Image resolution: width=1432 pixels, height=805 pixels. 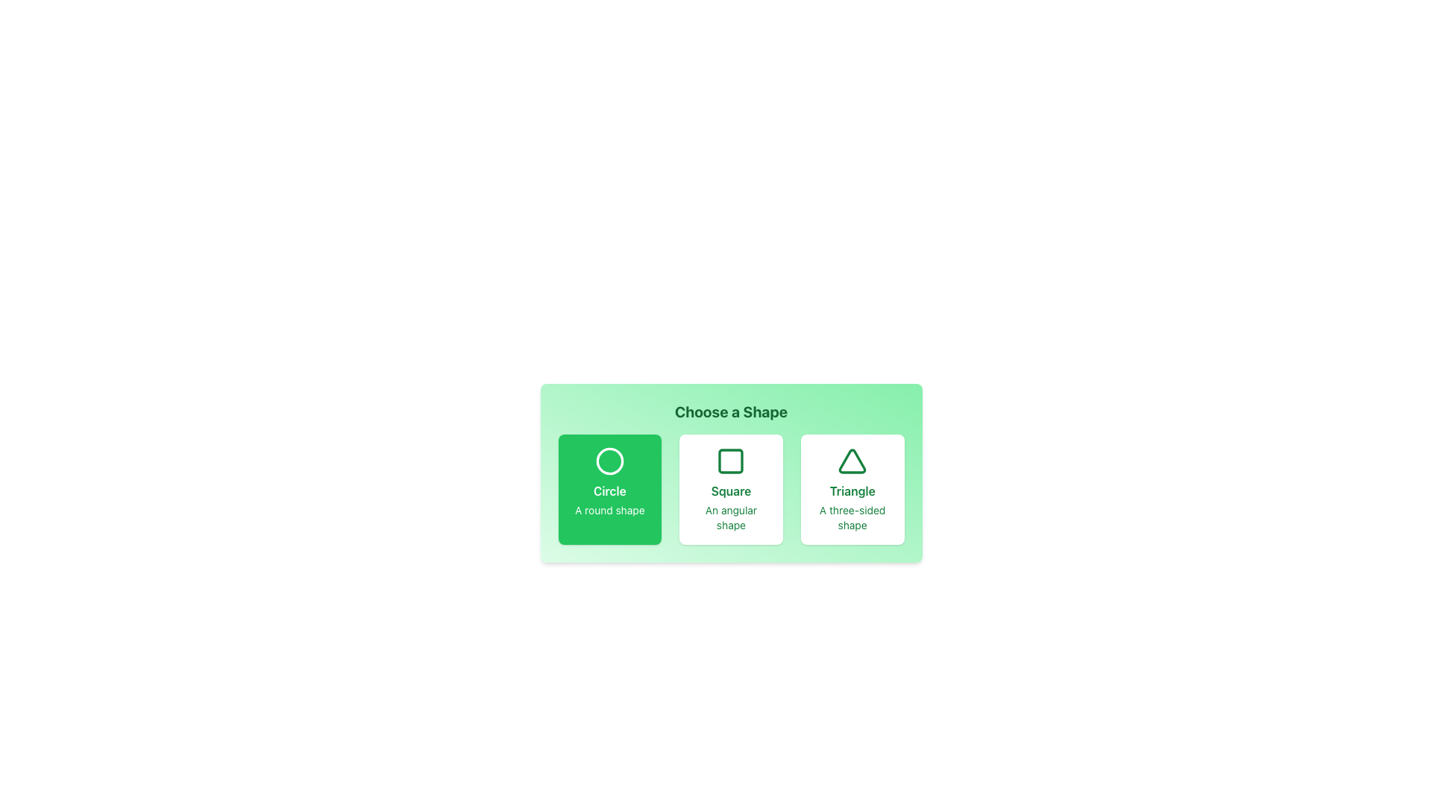 What do you see at coordinates (852, 460) in the screenshot?
I see `the SVG Icon representing a triangle, which is outlined with a green stroke and located inside the labeled box 'Triangle'` at bounding box center [852, 460].